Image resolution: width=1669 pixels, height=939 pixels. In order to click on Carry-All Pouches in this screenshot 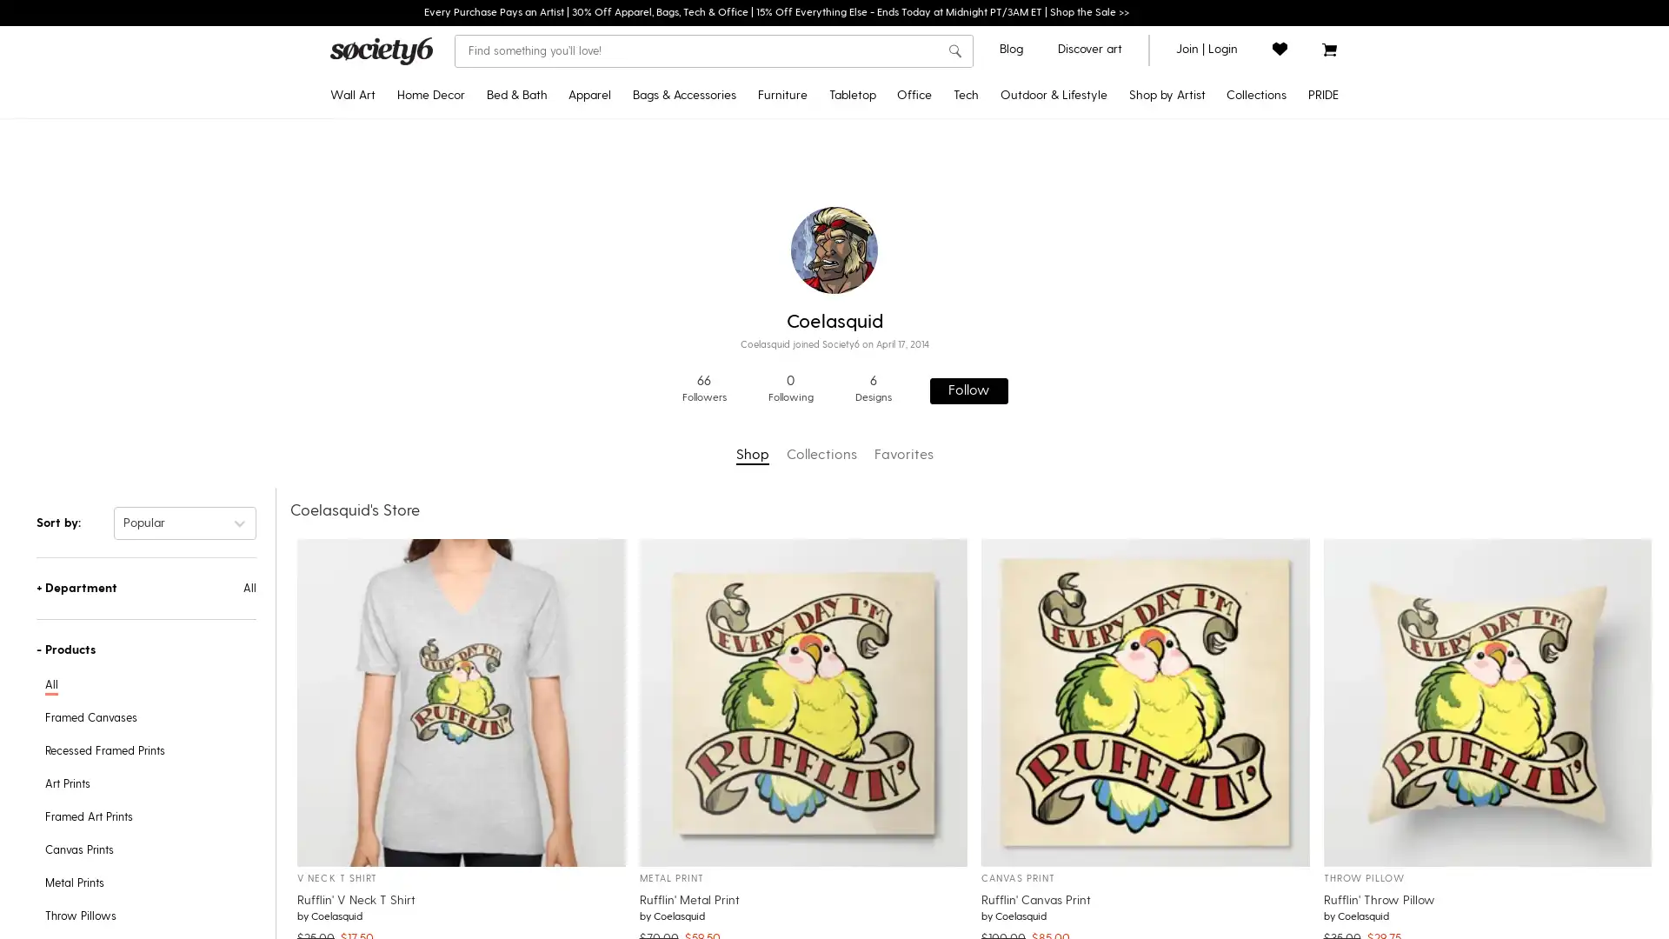, I will do `click(696, 167)`.